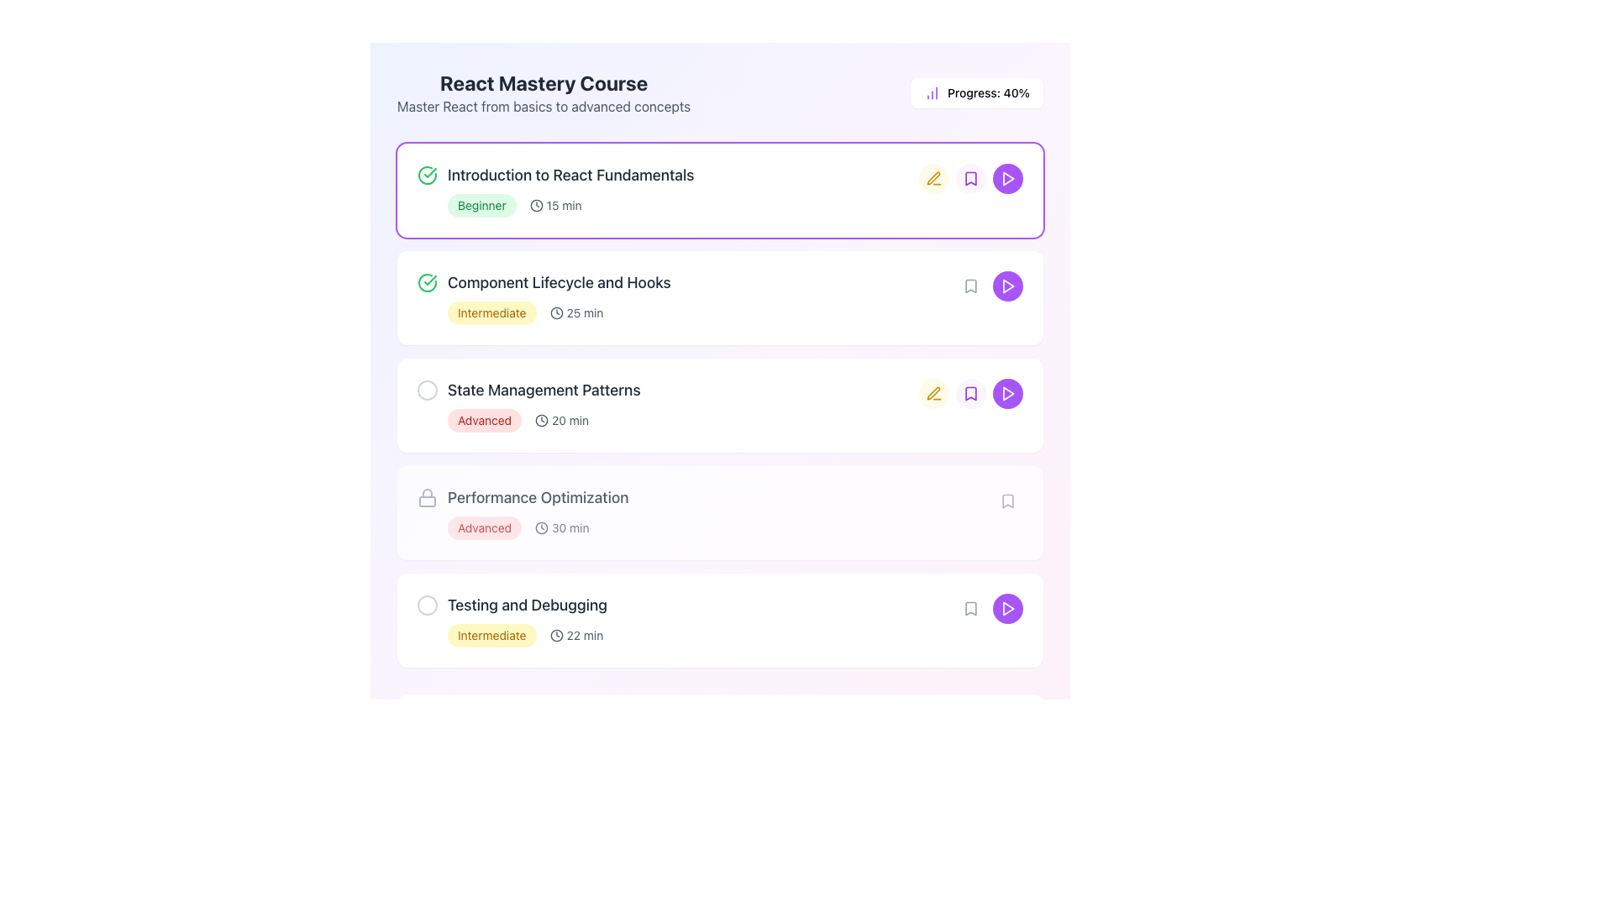 This screenshot has width=1613, height=907. I want to click on the Text Label with Icon that displays the title of the React course module 'Component Lifecycle and Hooks', which is located under the 'Introduction to React Fundamentals' module and above the 'State Management Patterns' module, so click(686, 281).